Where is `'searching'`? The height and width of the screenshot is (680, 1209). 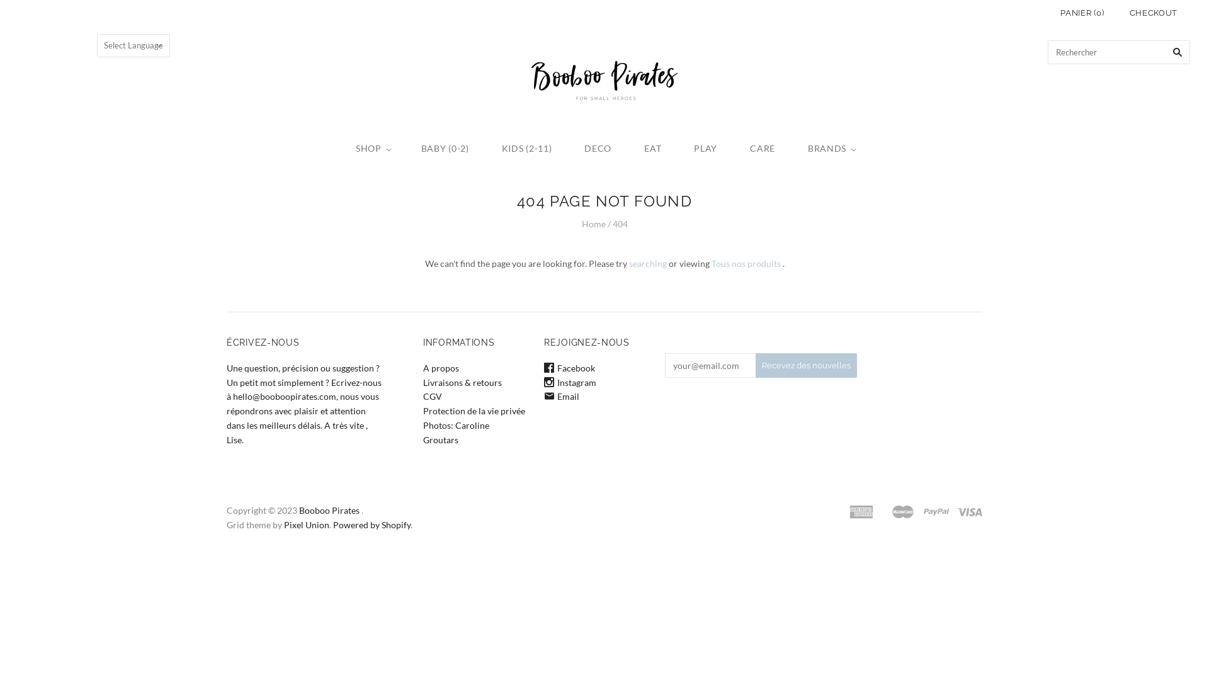 'searching' is located at coordinates (647, 263).